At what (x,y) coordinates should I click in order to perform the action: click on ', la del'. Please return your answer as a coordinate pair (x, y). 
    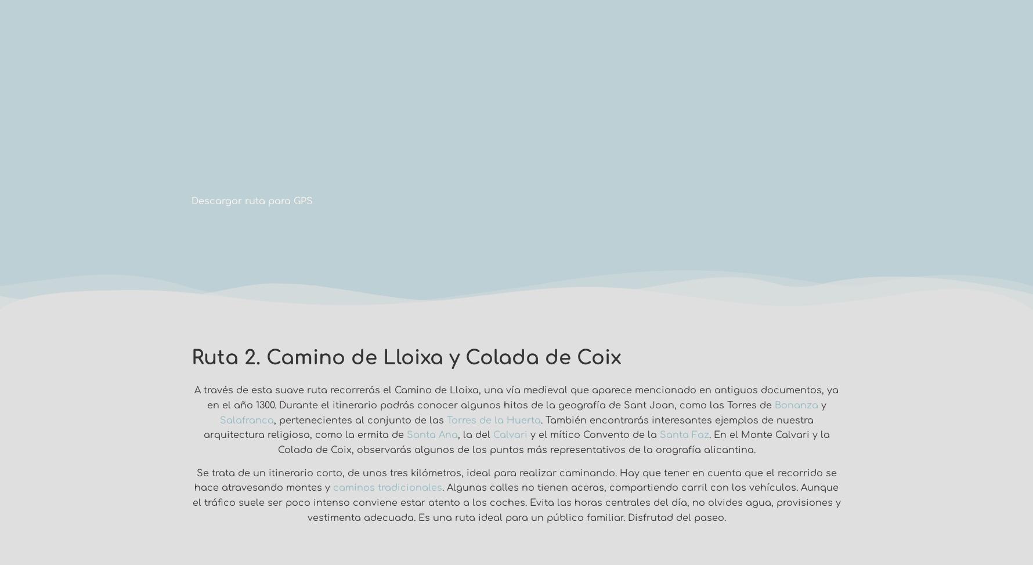
    Looking at the image, I should click on (457, 434).